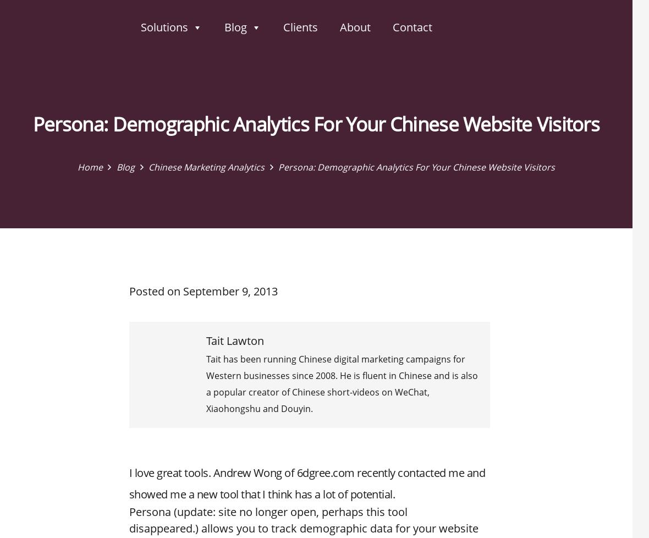  Describe the element at coordinates (307, 483) in the screenshot. I see `'I love great tools. Andrew Wong of 6dgree.com recently contacted me and showed me a new tool that I think has a lot of potential.'` at that location.